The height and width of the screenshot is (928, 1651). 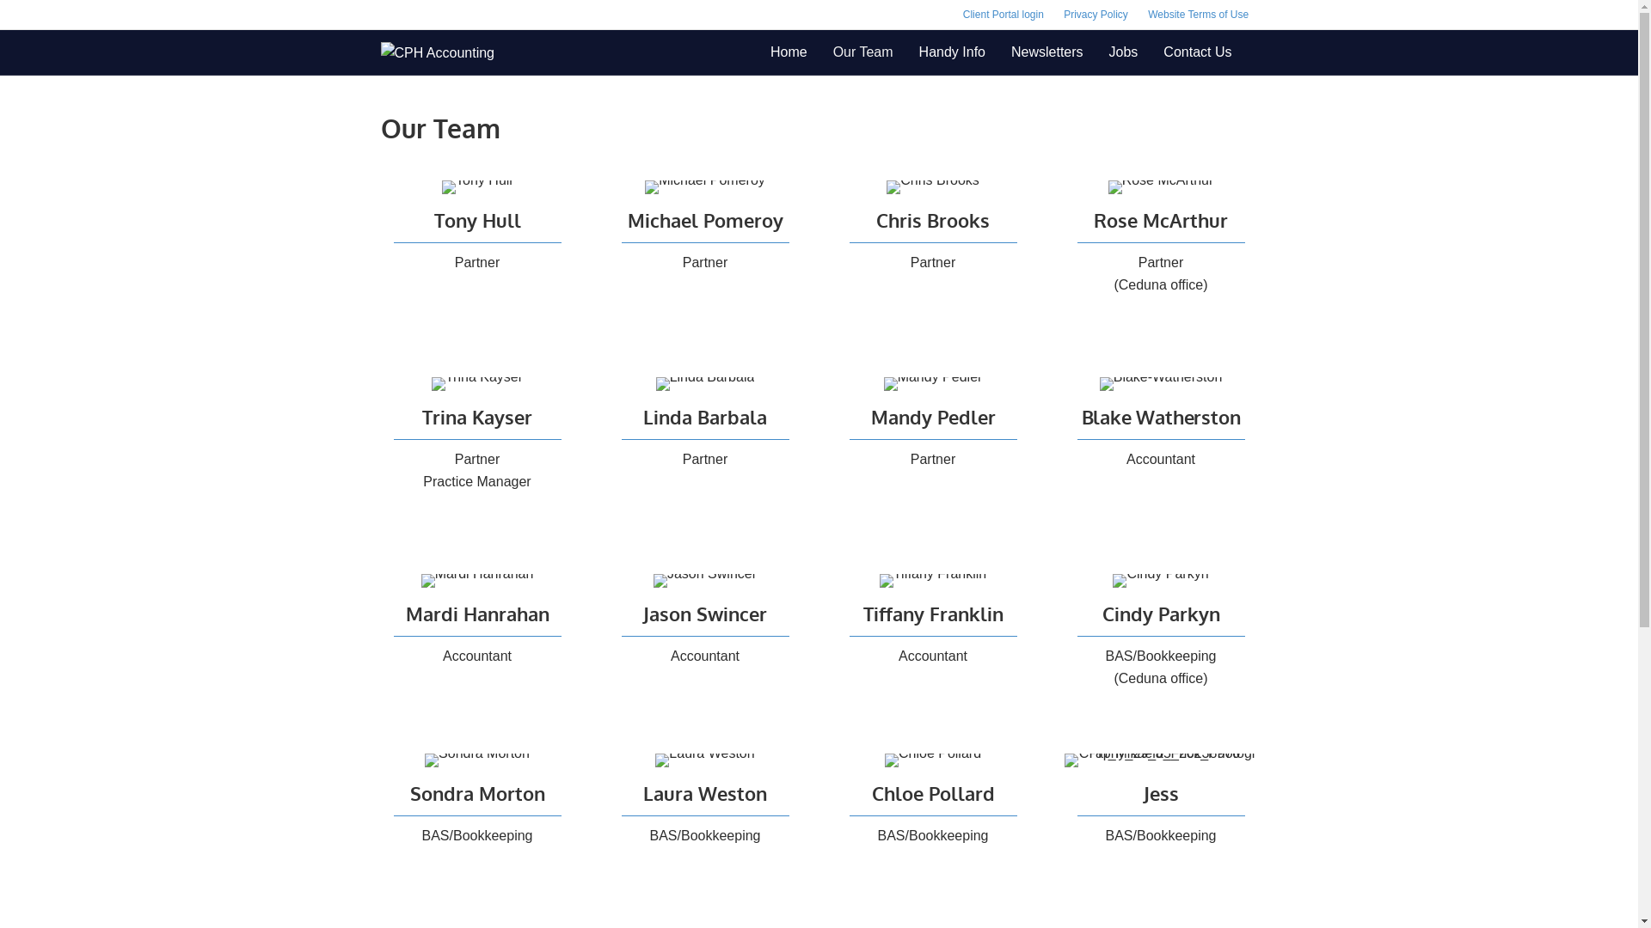 What do you see at coordinates (951, 52) in the screenshot?
I see `'Handy Info'` at bounding box center [951, 52].